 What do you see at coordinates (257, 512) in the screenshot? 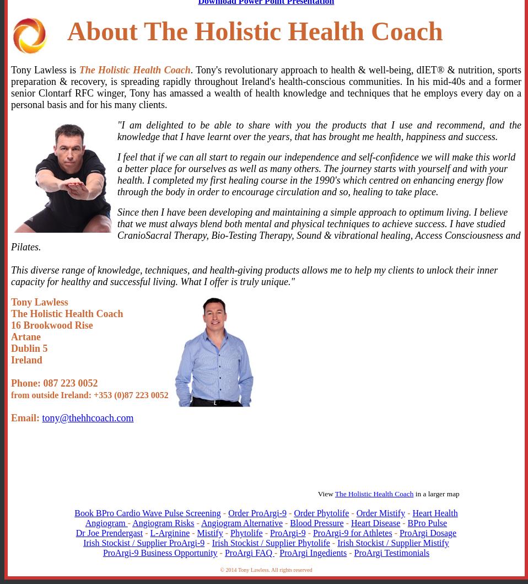
I see `'Order ProArgi-9'` at bounding box center [257, 512].